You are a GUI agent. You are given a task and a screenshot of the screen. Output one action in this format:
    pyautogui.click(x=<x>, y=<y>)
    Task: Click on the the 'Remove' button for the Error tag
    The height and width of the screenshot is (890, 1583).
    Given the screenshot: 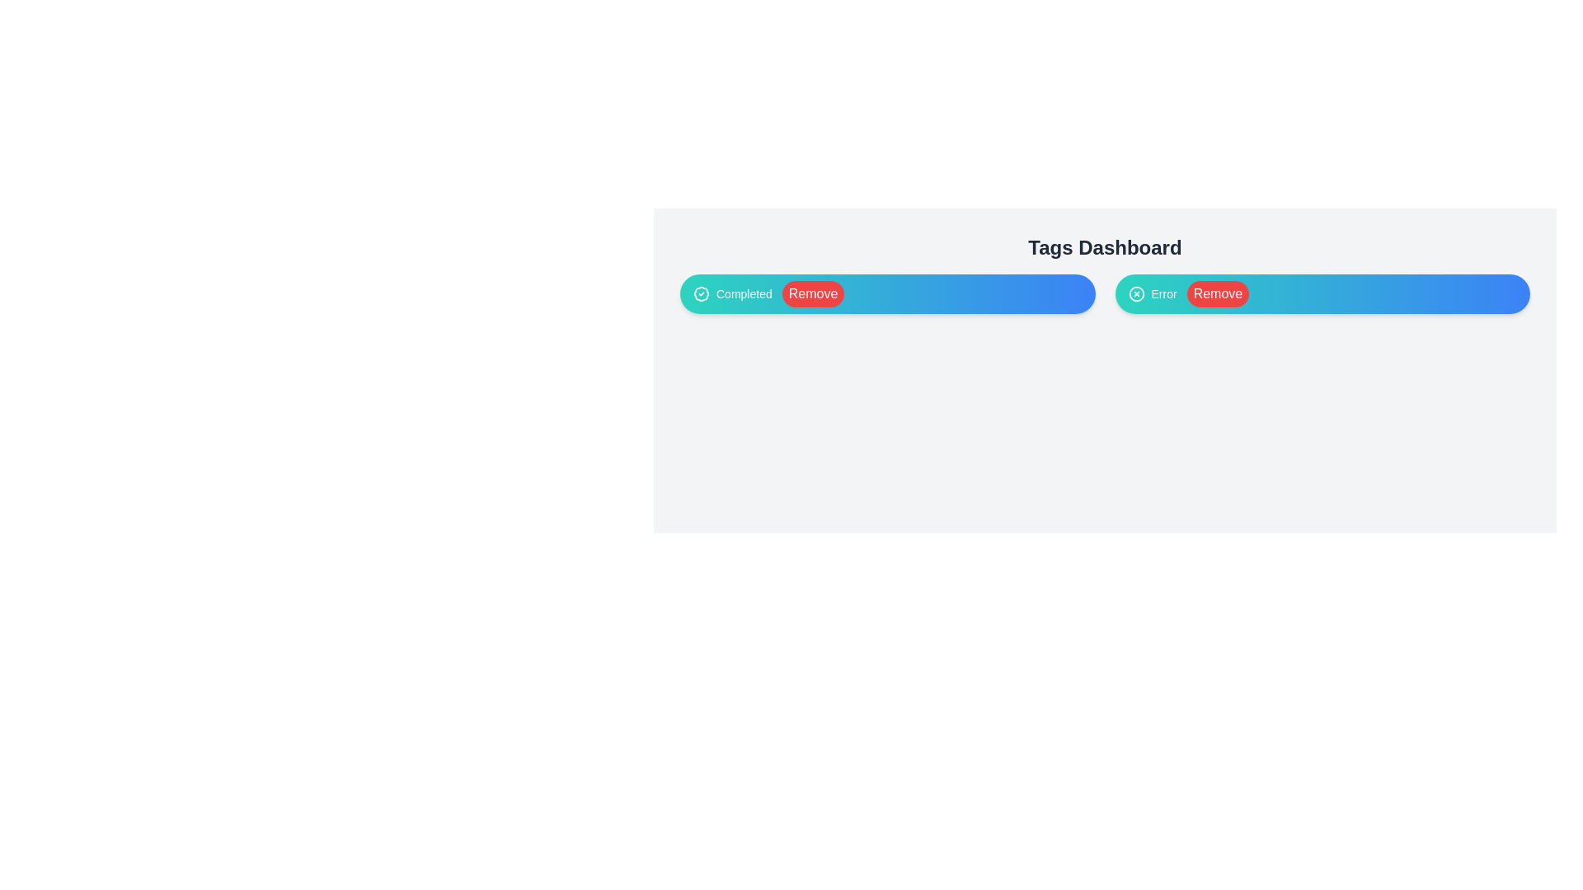 What is the action you would take?
    pyautogui.click(x=1218, y=293)
    